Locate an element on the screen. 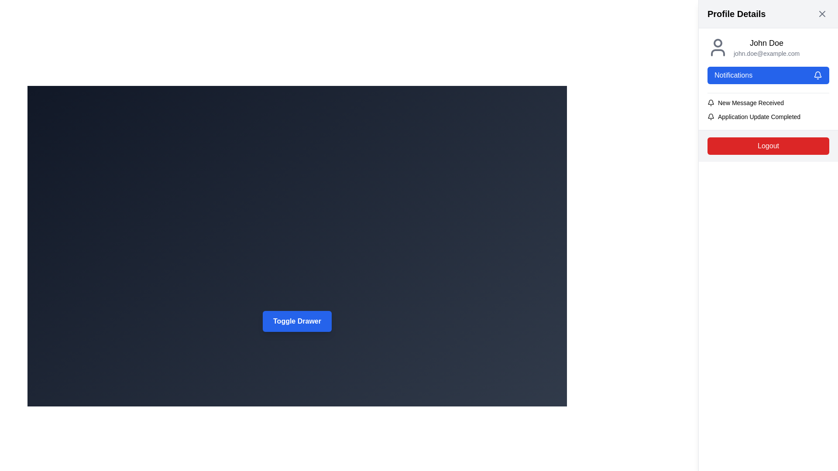 Image resolution: width=838 pixels, height=471 pixels. the bell icon located in the right sidebar beneath the 'Notifications' label, which indicates a feature related to notifications is located at coordinates (711, 102).